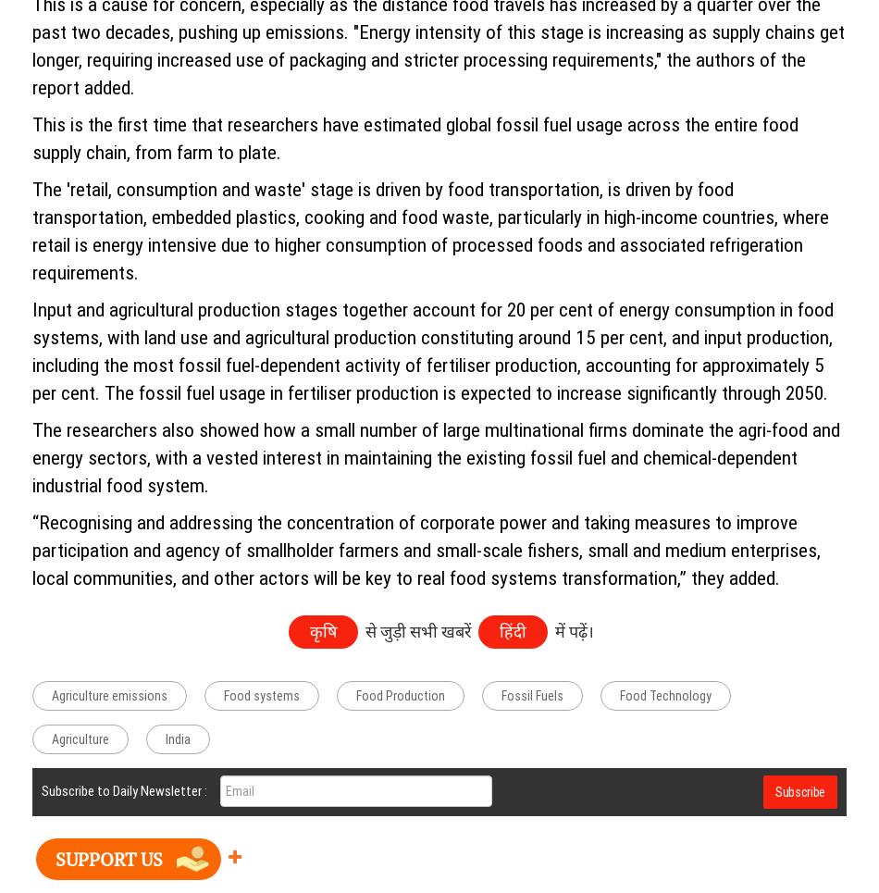 The height and width of the screenshot is (893, 879). Describe the element at coordinates (124, 789) in the screenshot. I see `'Subscribe to Daily Newsletter :'` at that location.